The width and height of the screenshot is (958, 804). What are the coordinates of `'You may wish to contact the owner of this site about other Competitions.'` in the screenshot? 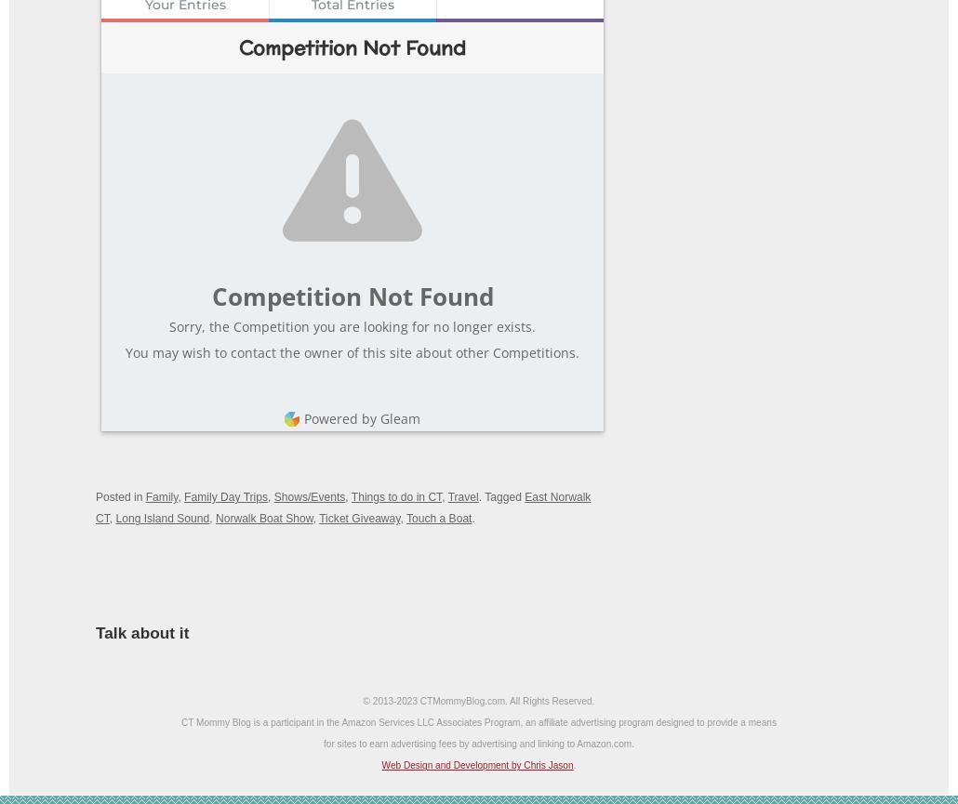 It's located at (353, 351).